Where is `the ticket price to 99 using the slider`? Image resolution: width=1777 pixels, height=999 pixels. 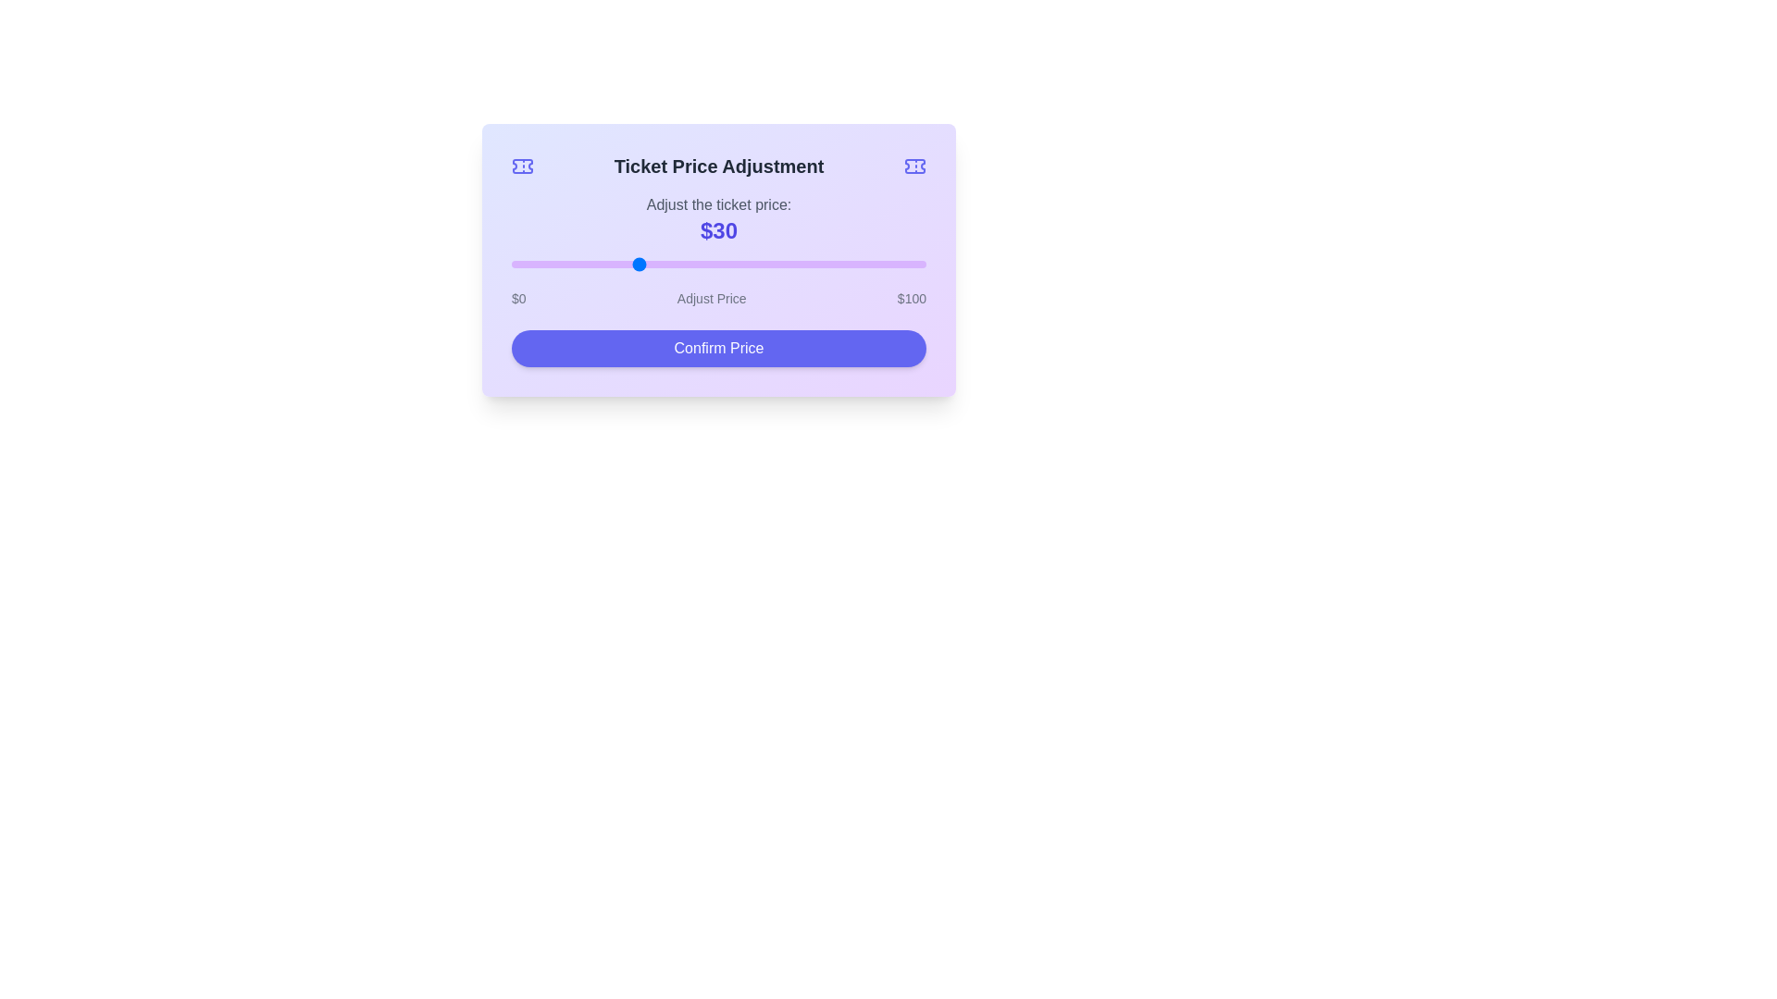
the ticket price to 99 using the slider is located at coordinates (922, 264).